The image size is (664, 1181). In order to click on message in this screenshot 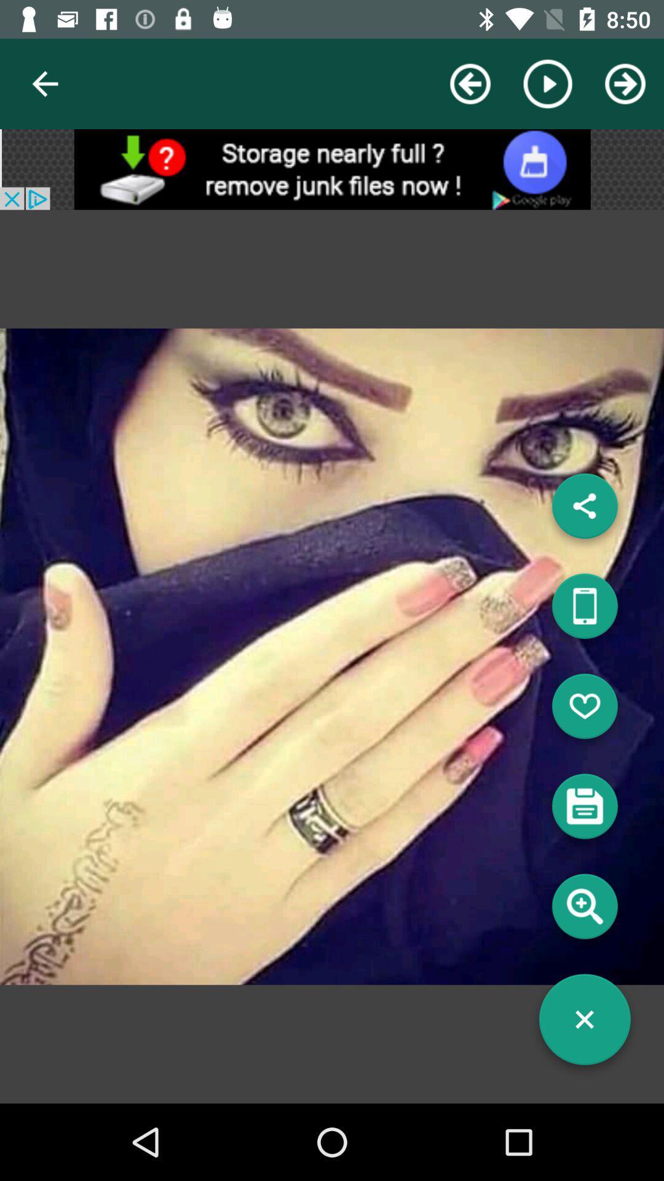, I will do `click(584, 811)`.